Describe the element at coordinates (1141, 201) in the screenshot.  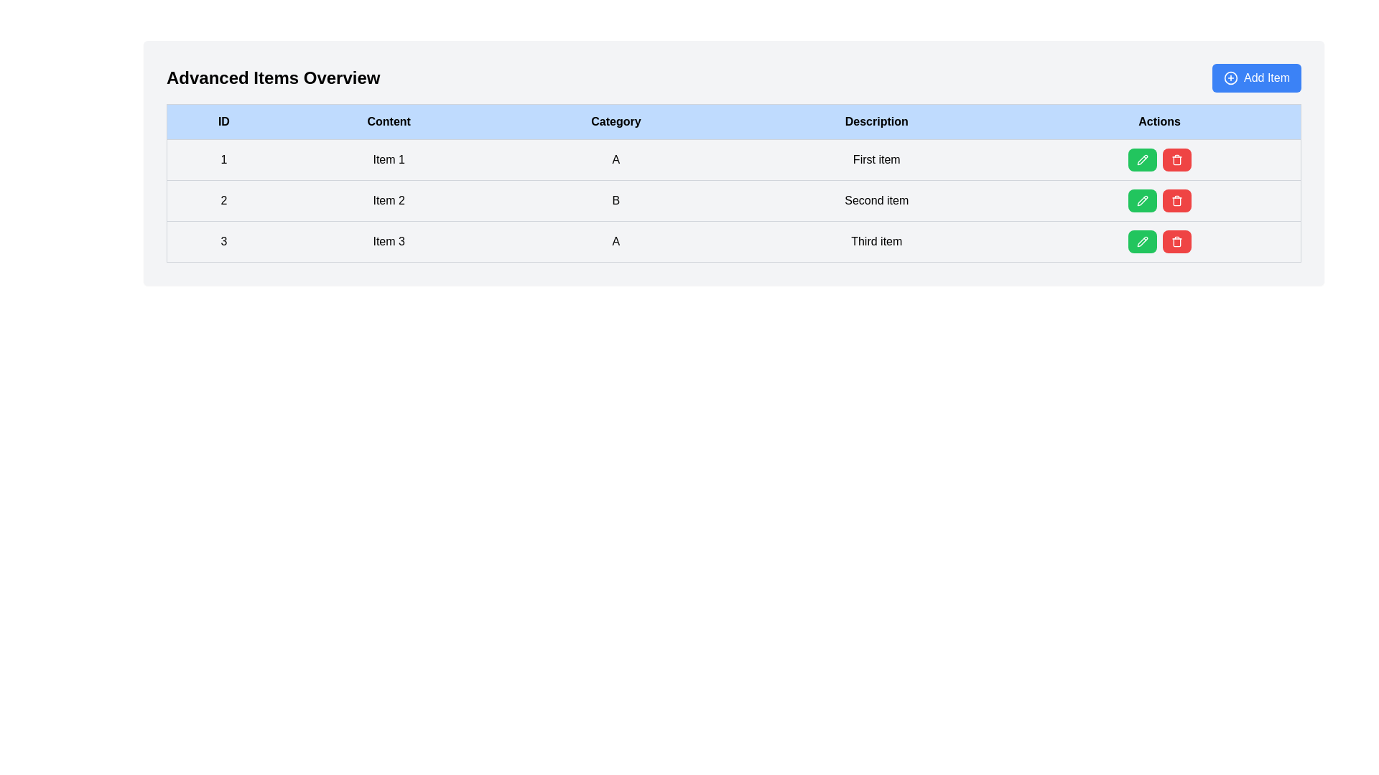
I see `the small pencil icon representing the 'edit' action, located in the 'Actions' column of the second row of the table` at that location.